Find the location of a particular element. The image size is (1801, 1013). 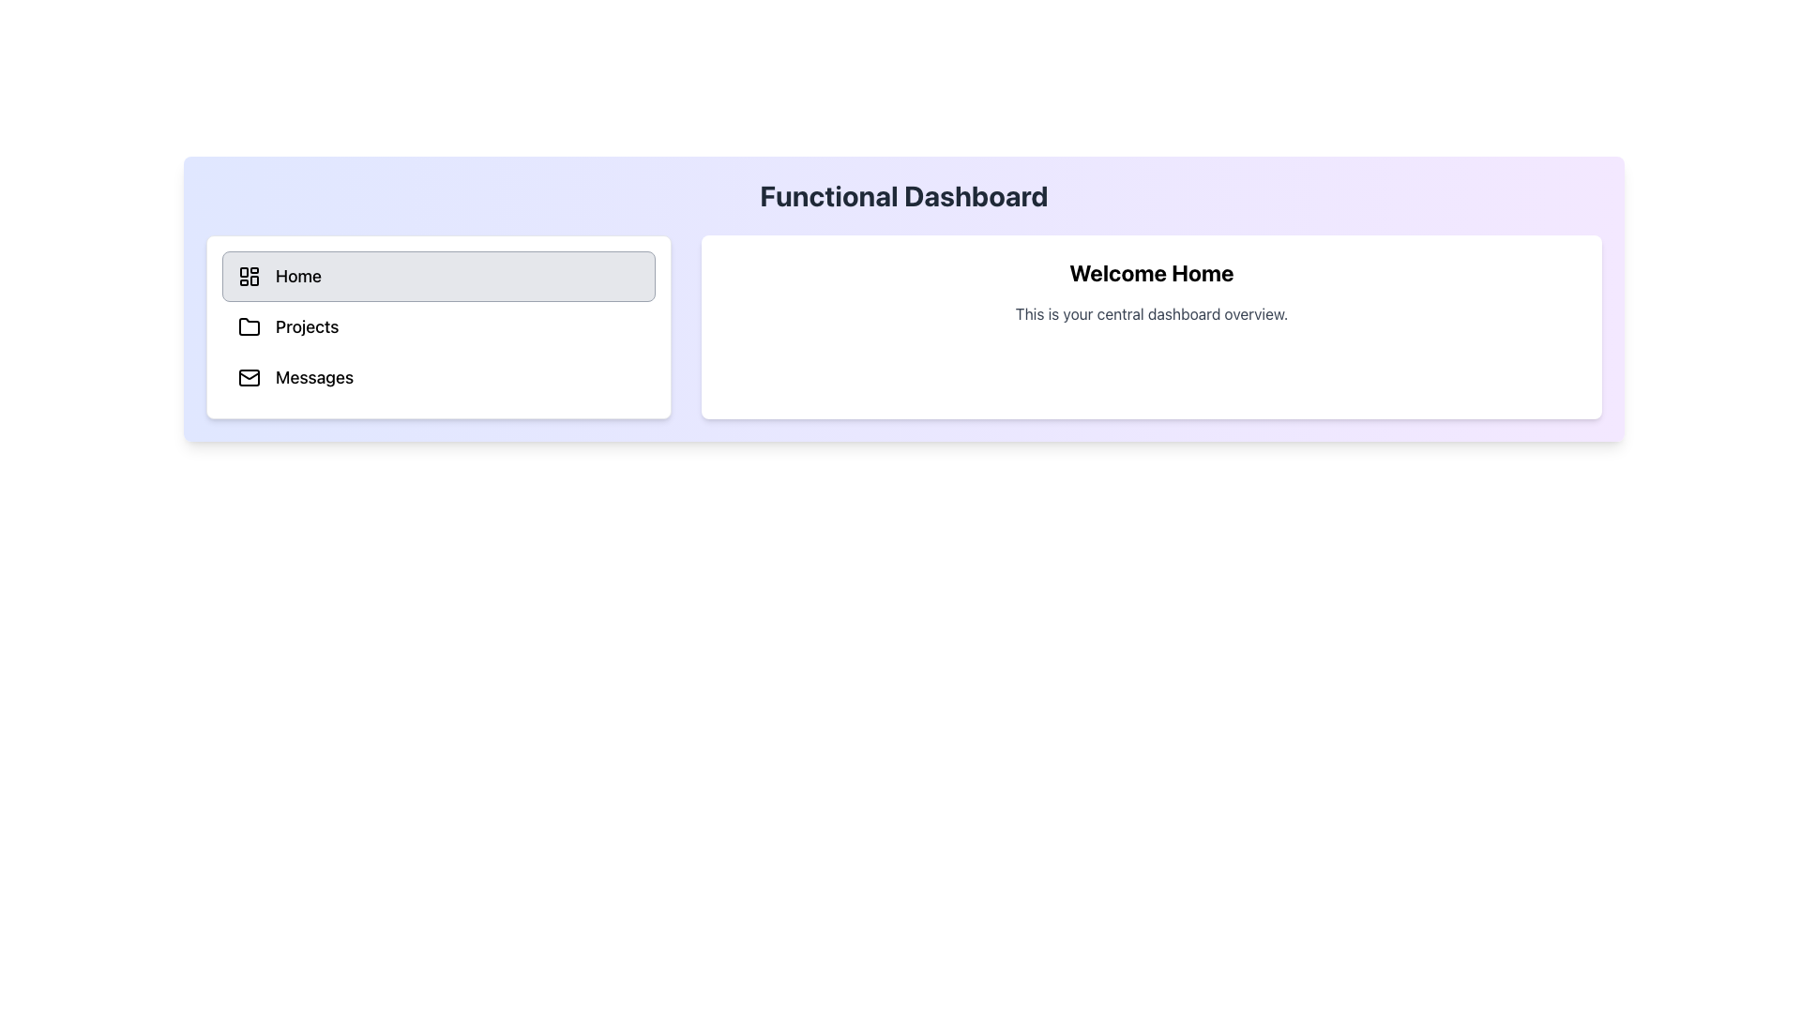

the third button in the vertical list of options within the left navigation panel is located at coordinates (437, 377).